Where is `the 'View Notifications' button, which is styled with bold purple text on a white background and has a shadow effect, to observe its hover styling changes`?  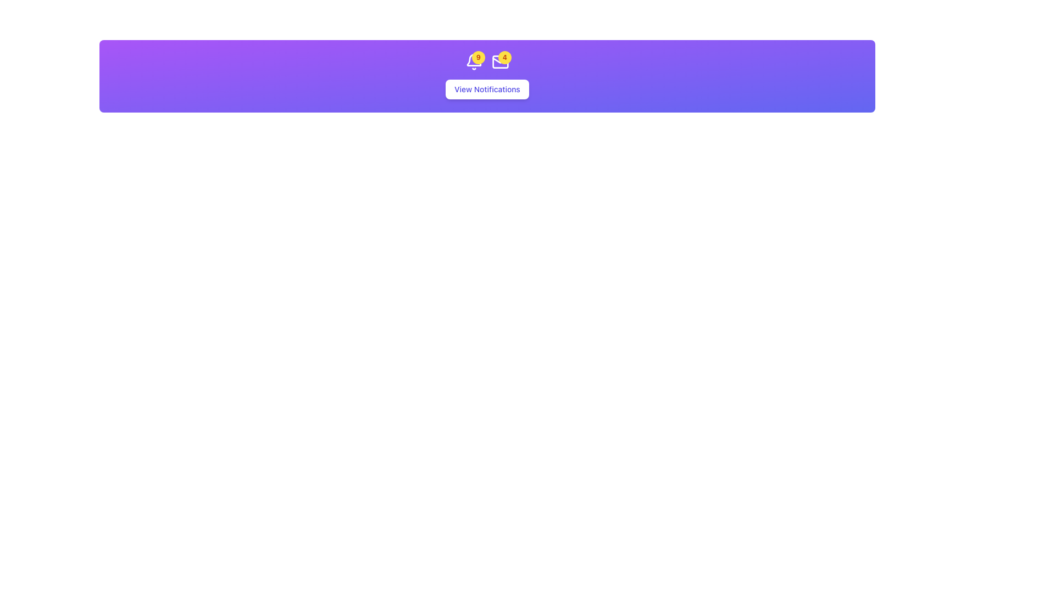 the 'View Notifications' button, which is styled with bold purple text on a white background and has a shadow effect, to observe its hover styling changes is located at coordinates (487, 88).